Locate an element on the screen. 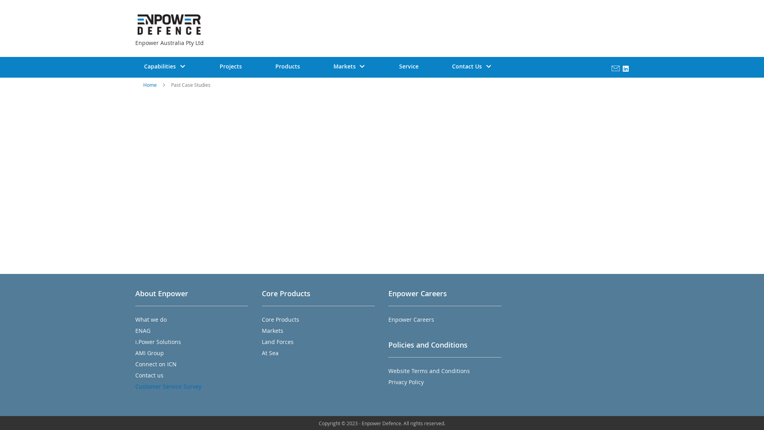 The height and width of the screenshot is (430, 764). 'At Sea' is located at coordinates (270, 352).